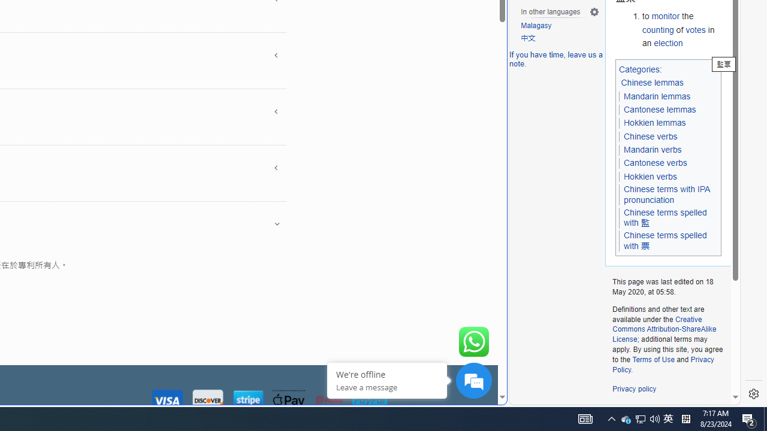 This screenshot has height=431, width=767. Describe the element at coordinates (650, 176) in the screenshot. I see `'Hokkien verbs'` at that location.